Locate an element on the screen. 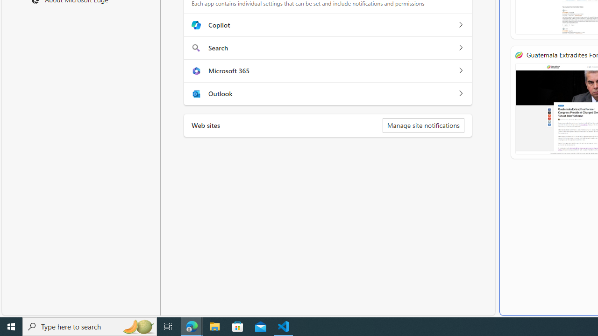 The height and width of the screenshot is (336, 598). 'Manage site notifications' is located at coordinates (423, 125).